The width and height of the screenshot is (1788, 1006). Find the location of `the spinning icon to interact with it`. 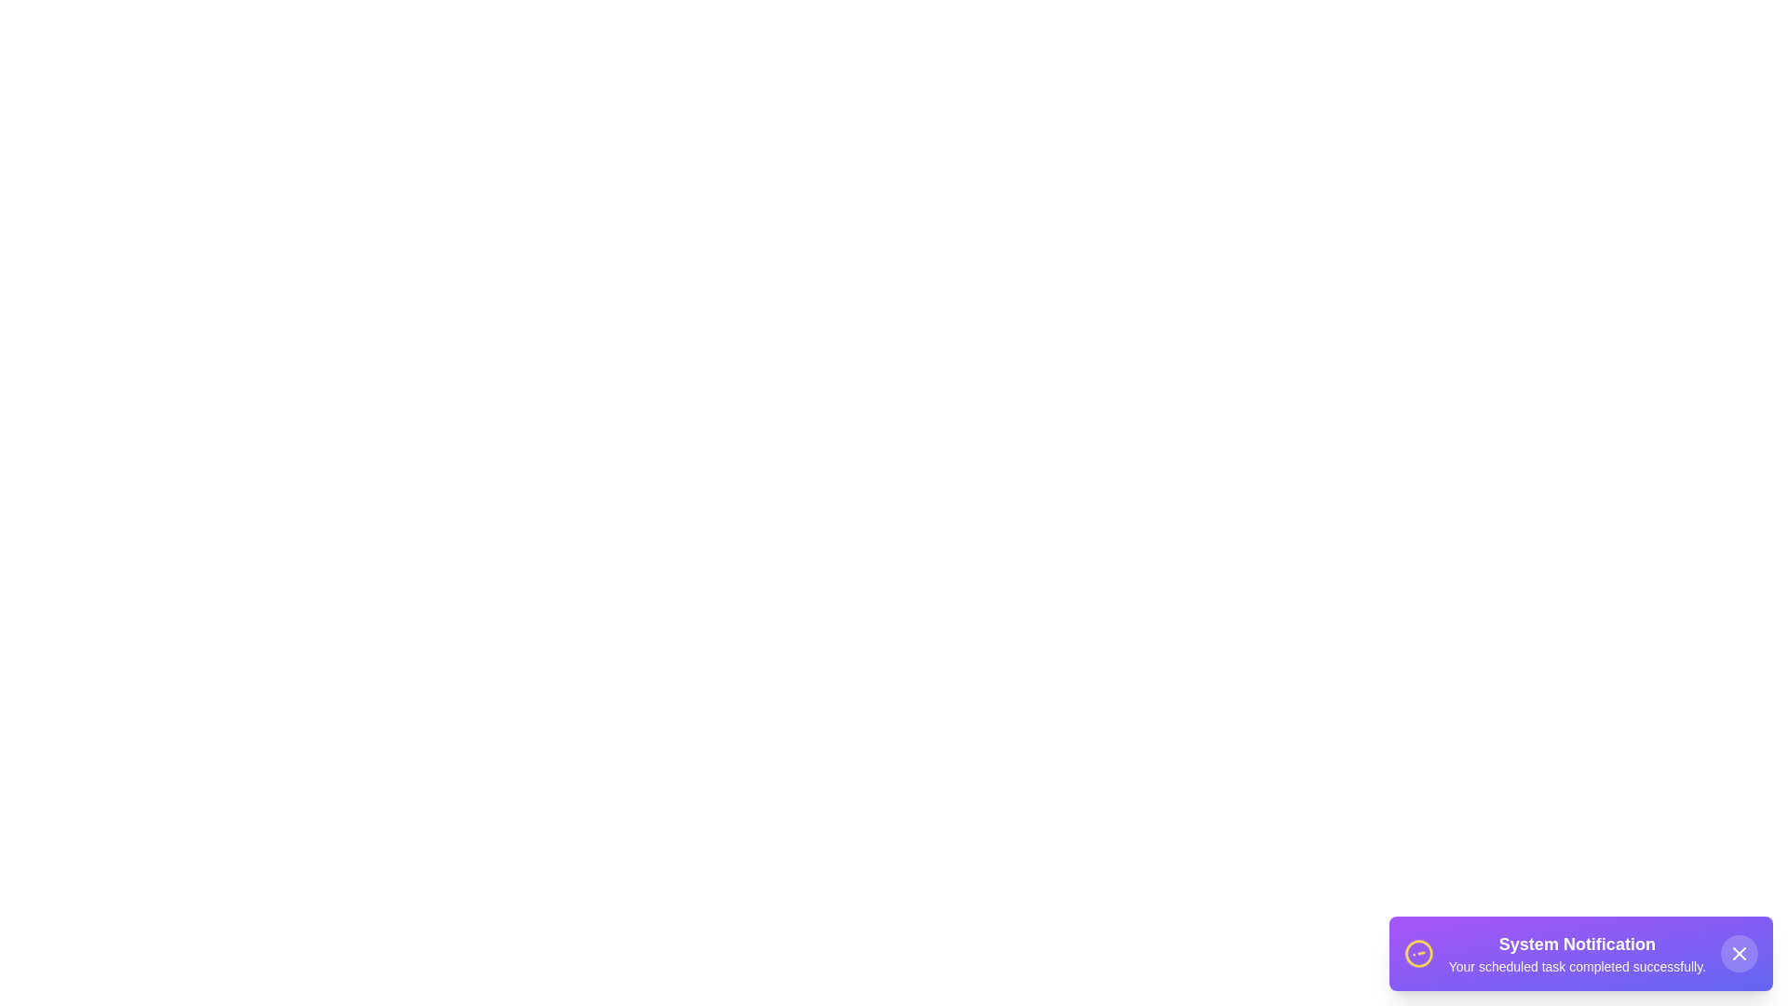

the spinning icon to interact with it is located at coordinates (1417, 953).